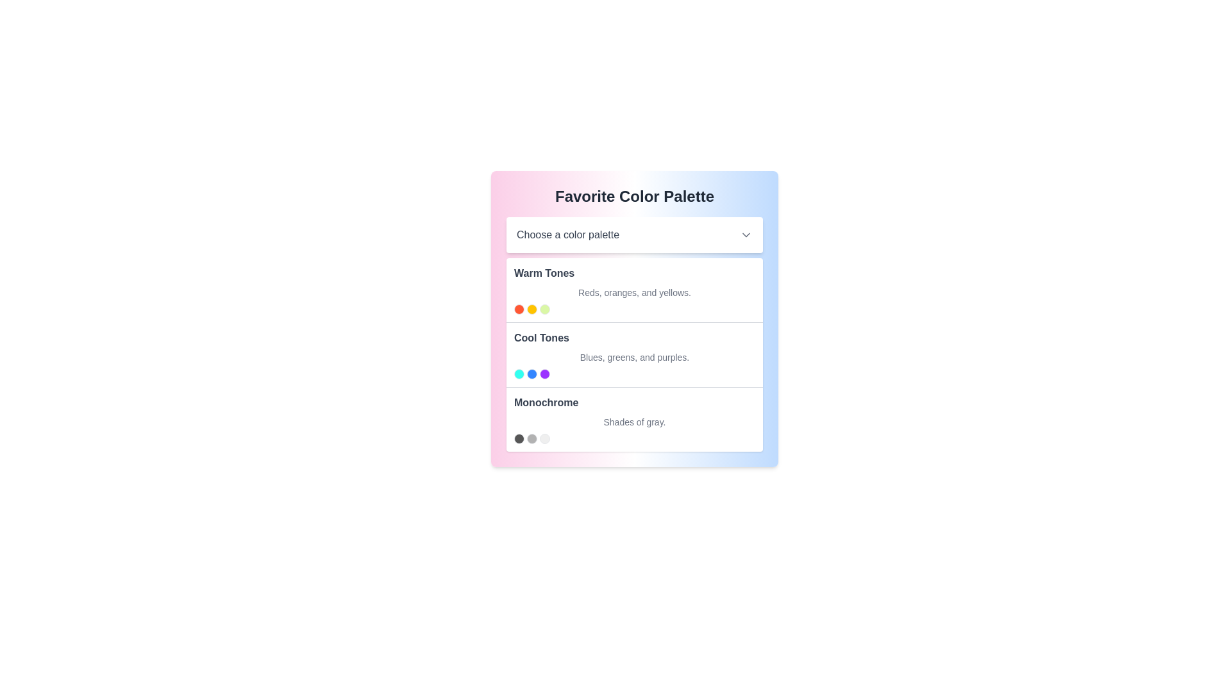  I want to click on the third selectable circle in the sequence of three small circles under the 'Monochrome' section, so click(544, 438).